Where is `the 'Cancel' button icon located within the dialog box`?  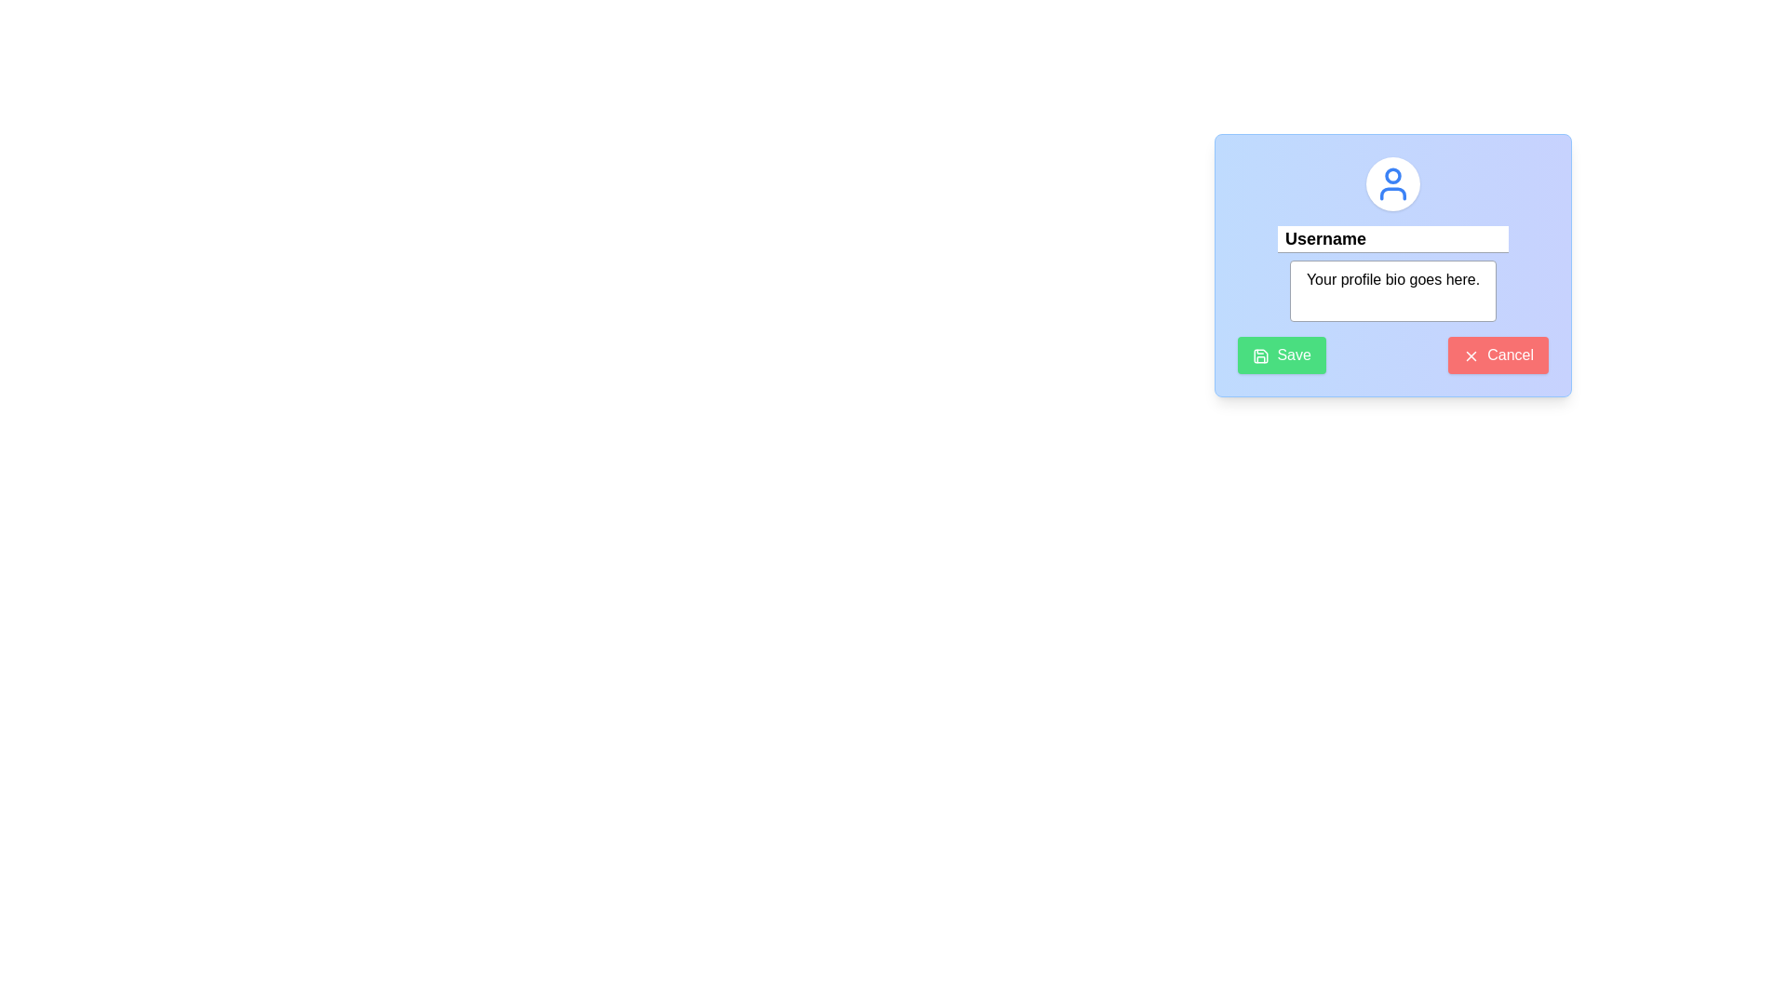
the 'Cancel' button icon located within the dialog box is located at coordinates (1470, 355).